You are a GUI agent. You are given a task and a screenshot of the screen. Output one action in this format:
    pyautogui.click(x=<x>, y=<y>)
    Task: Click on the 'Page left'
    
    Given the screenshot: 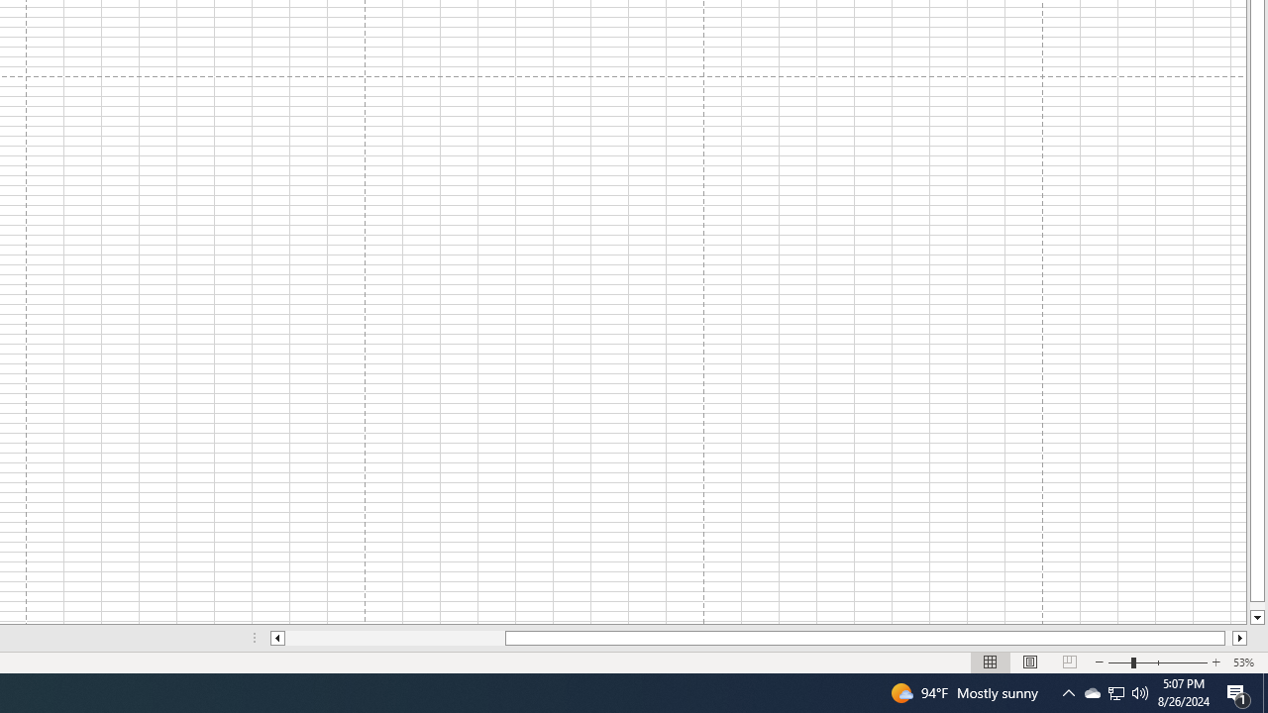 What is the action you would take?
    pyautogui.click(x=394, y=638)
    